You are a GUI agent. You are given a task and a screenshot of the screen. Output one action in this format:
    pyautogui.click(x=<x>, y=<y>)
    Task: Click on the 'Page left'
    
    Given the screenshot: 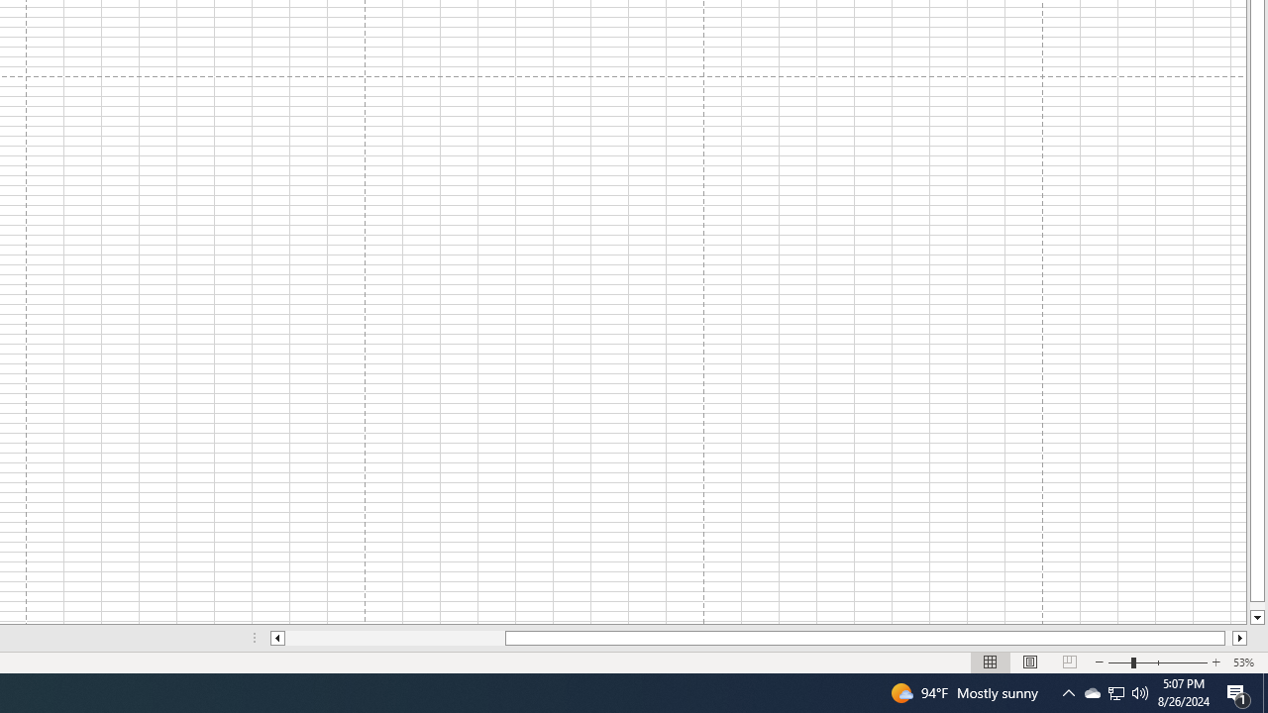 What is the action you would take?
    pyautogui.click(x=394, y=638)
    